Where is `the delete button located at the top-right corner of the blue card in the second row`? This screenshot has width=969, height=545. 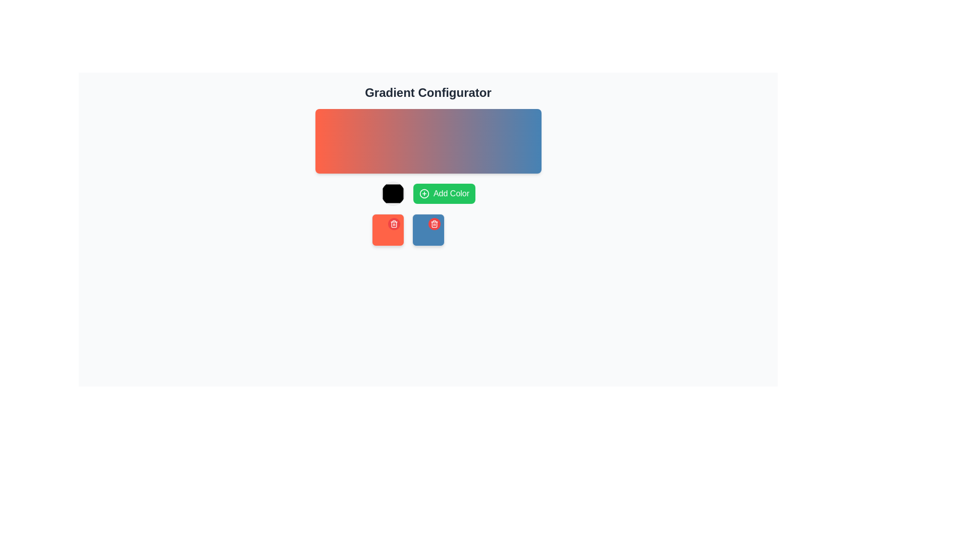
the delete button located at the top-right corner of the blue card in the second row is located at coordinates (434, 223).